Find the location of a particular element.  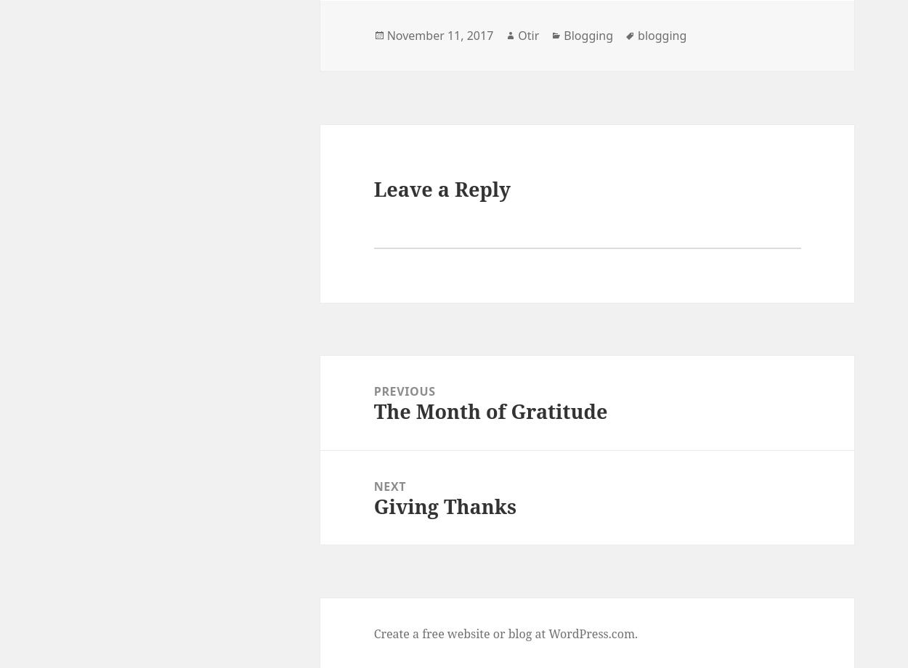

'blogging' is located at coordinates (662, 36).